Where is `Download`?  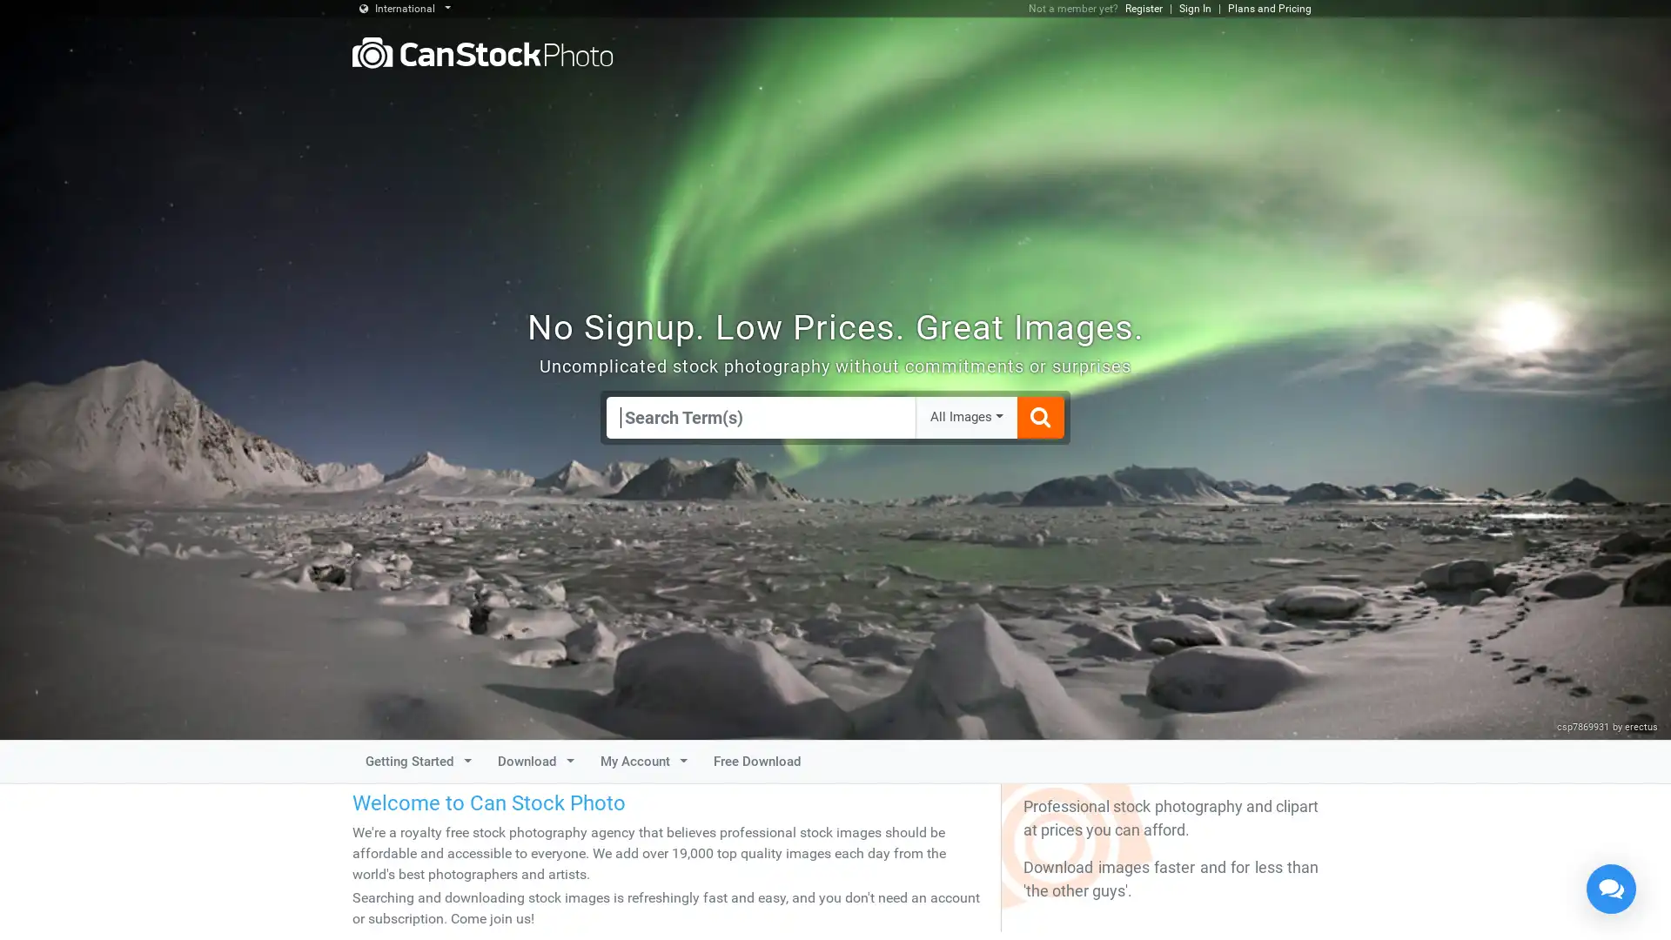
Download is located at coordinates (534, 761).